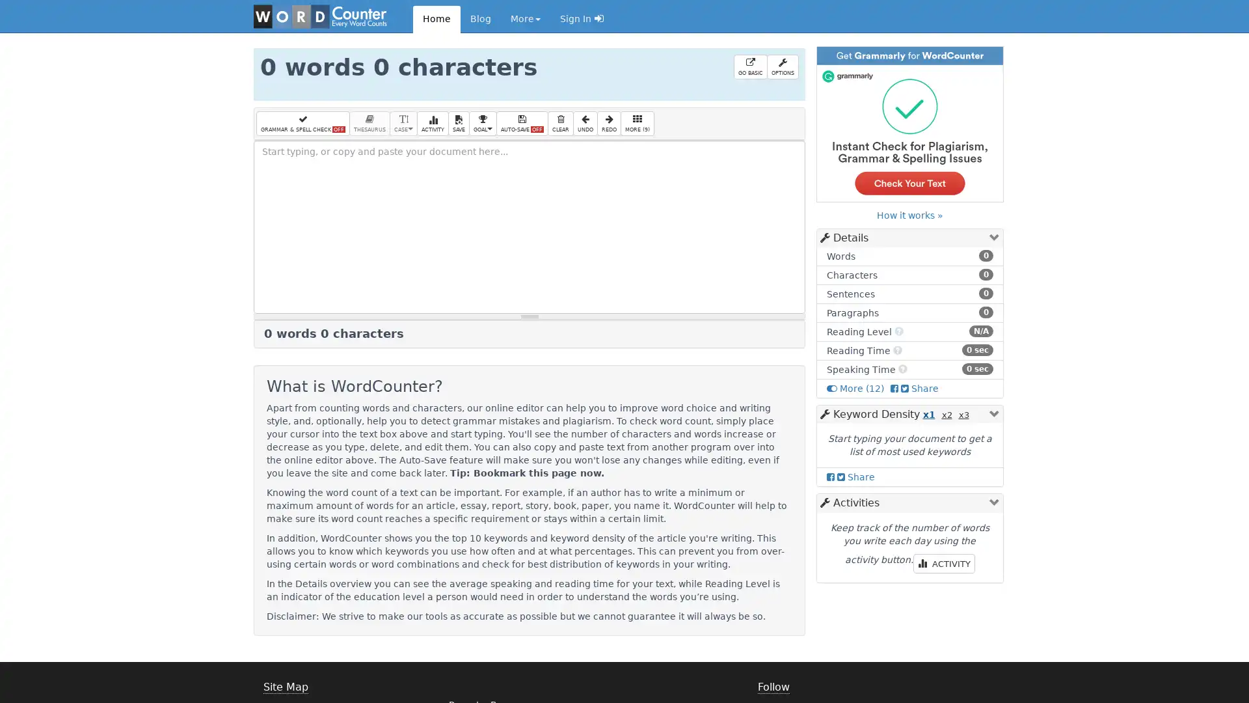 Image resolution: width=1249 pixels, height=703 pixels. Describe the element at coordinates (781, 66) in the screenshot. I see `OPTIONS` at that location.